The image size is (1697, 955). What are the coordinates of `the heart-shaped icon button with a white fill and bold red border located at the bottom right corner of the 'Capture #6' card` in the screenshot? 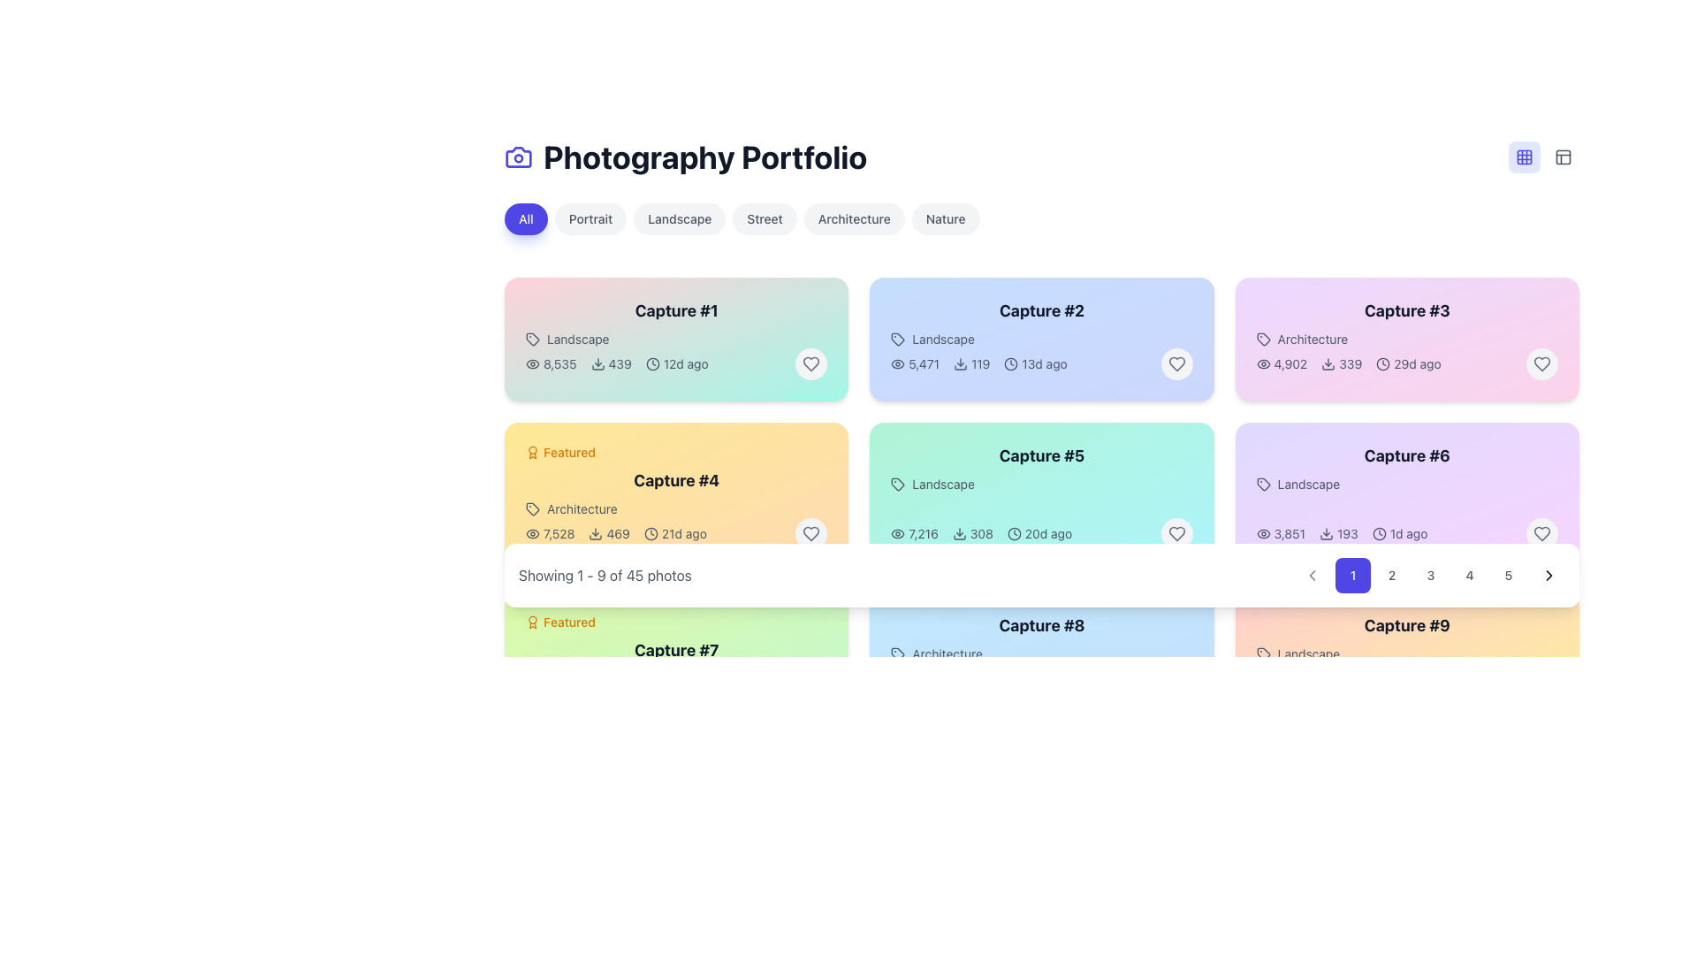 It's located at (1541, 533).